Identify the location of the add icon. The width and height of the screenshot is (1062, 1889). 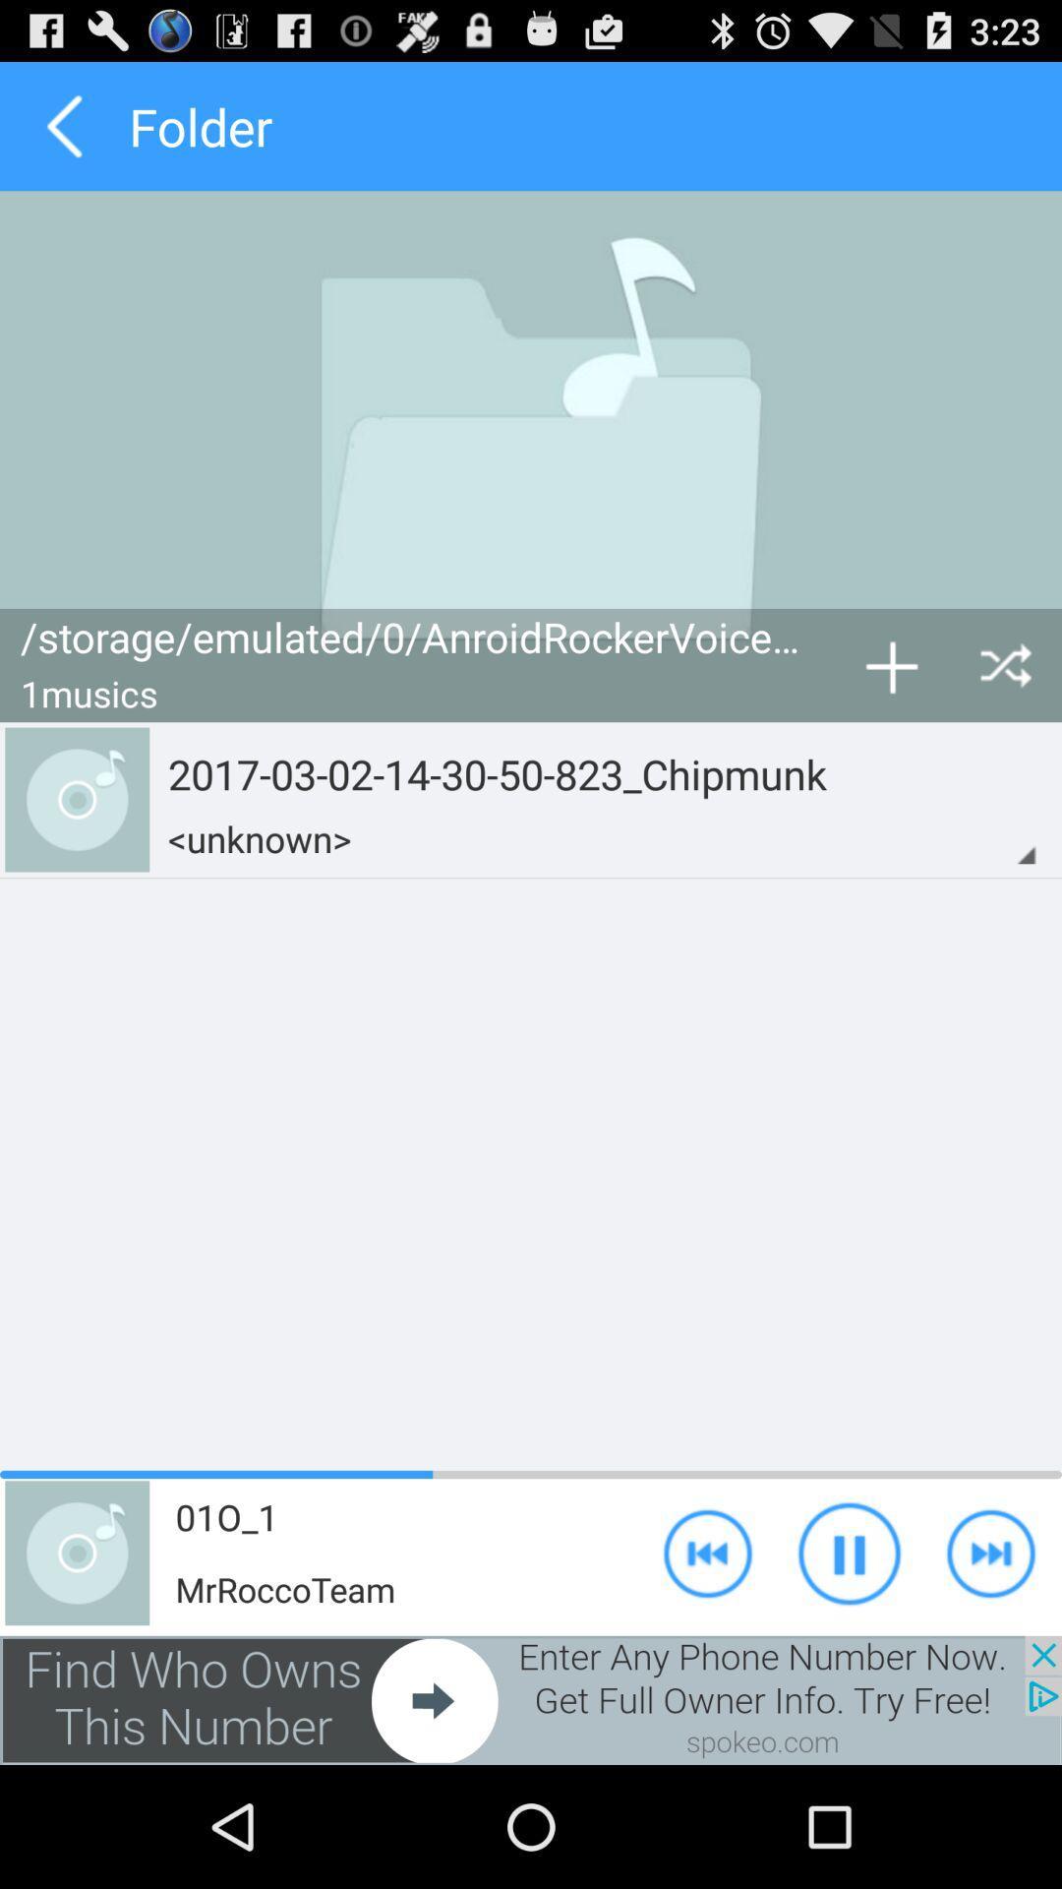
(891, 711).